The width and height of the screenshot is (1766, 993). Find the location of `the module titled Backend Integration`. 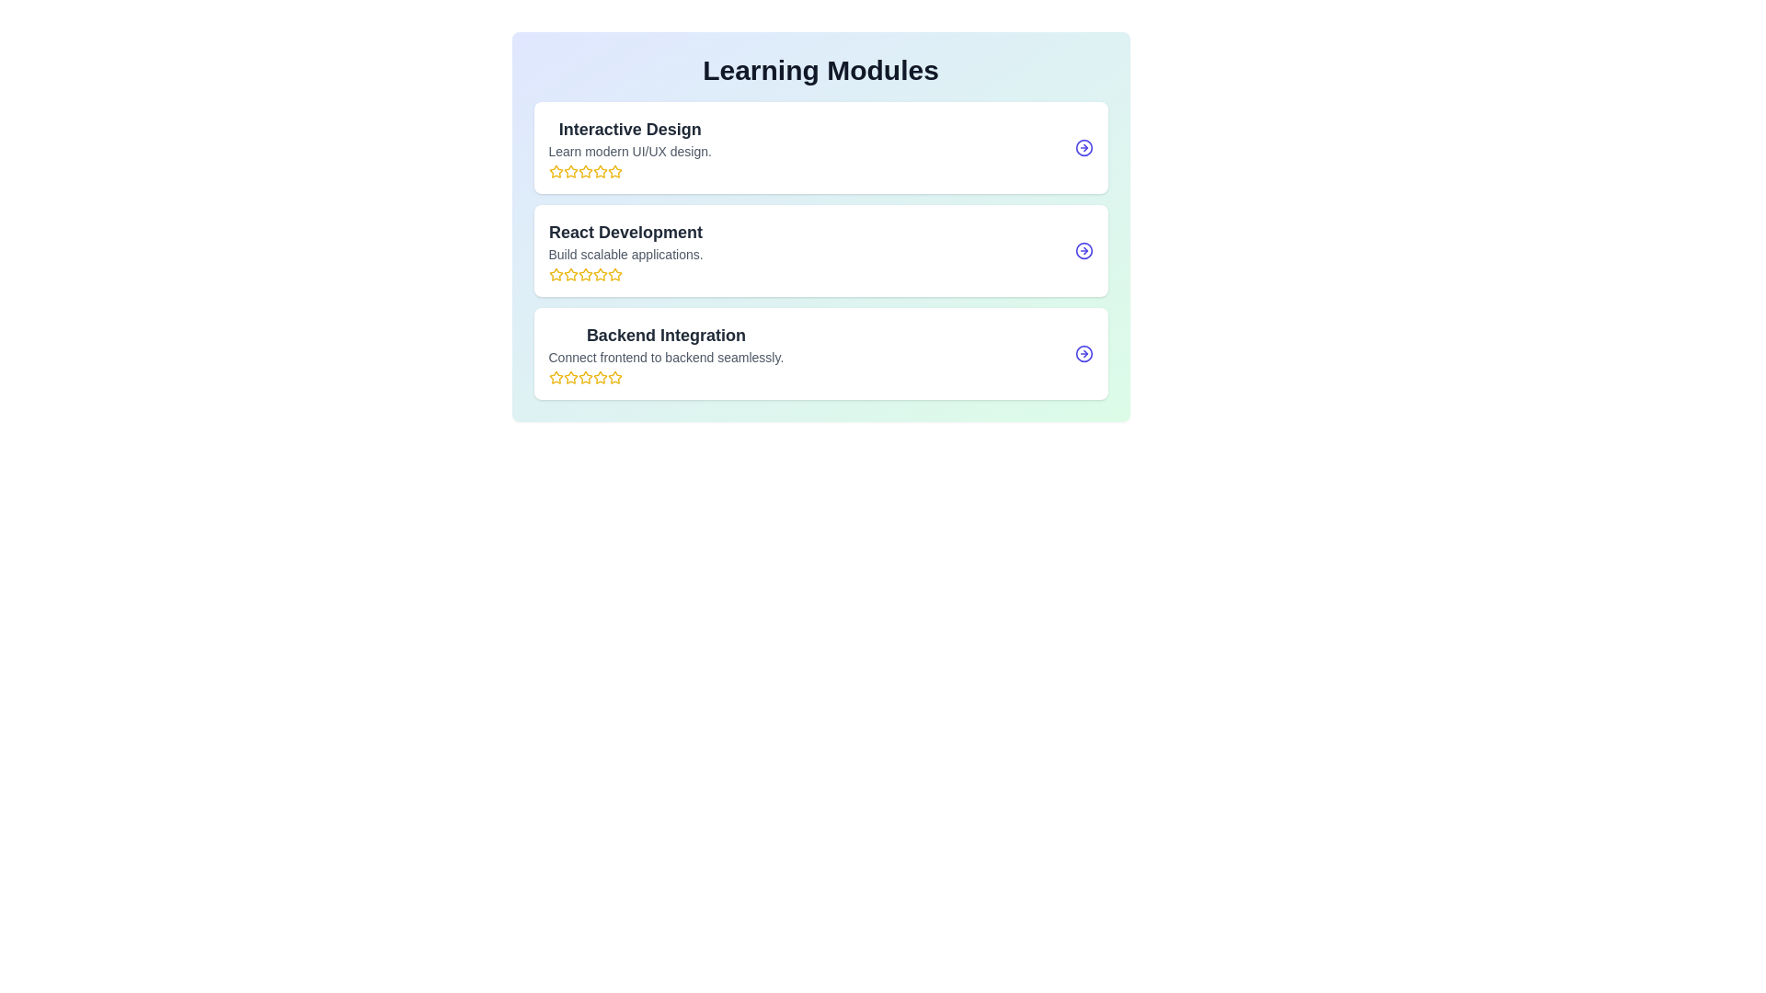

the module titled Backend Integration is located at coordinates (820, 354).